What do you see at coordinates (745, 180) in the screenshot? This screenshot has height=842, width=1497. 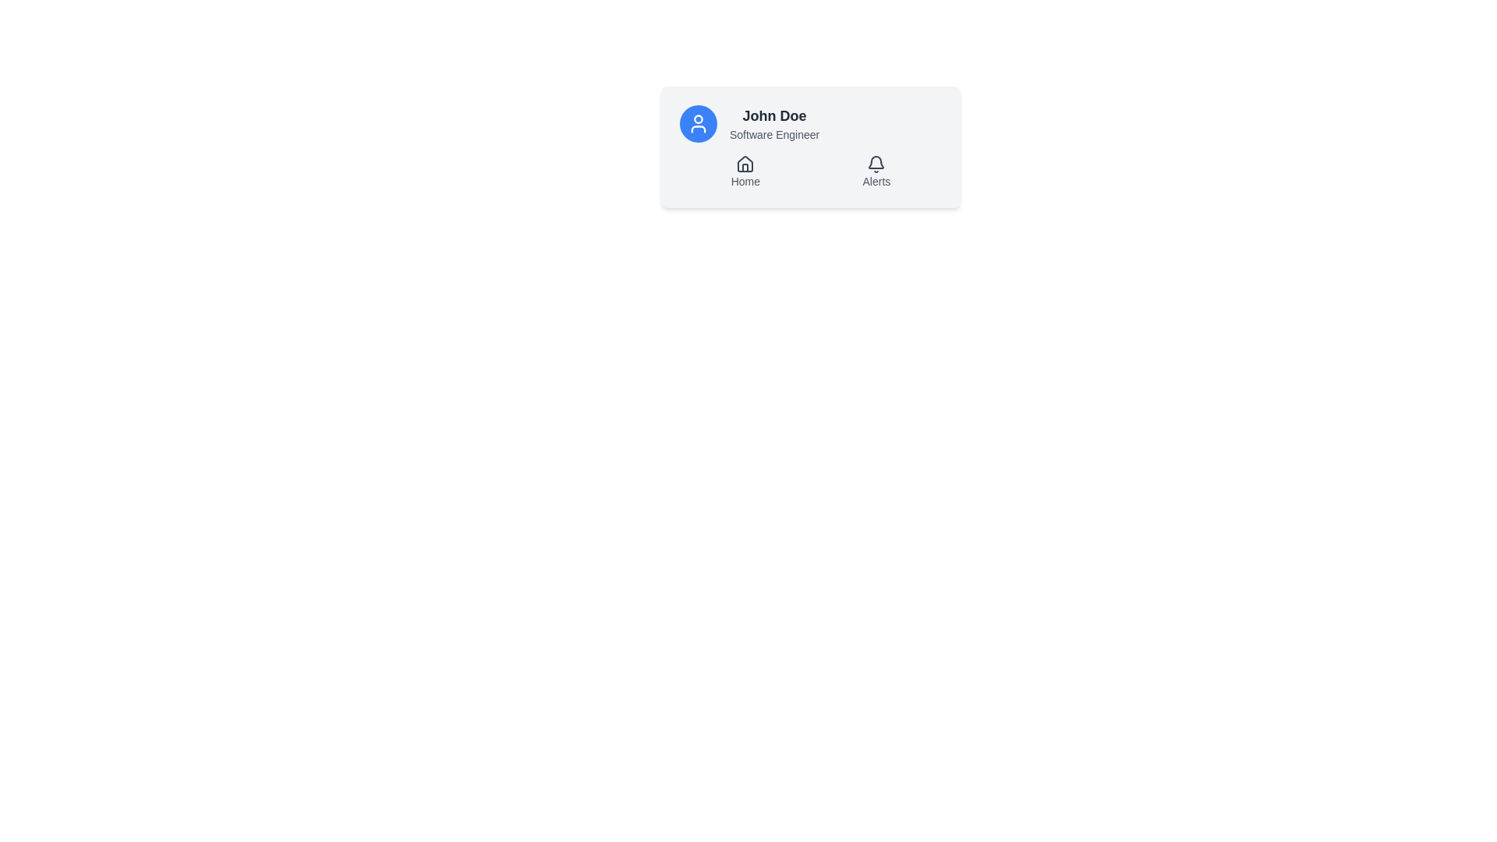 I see `the Text label that indicates the Home section, located below the house icon in a card component, aligned with the Alerts text on the right` at bounding box center [745, 180].